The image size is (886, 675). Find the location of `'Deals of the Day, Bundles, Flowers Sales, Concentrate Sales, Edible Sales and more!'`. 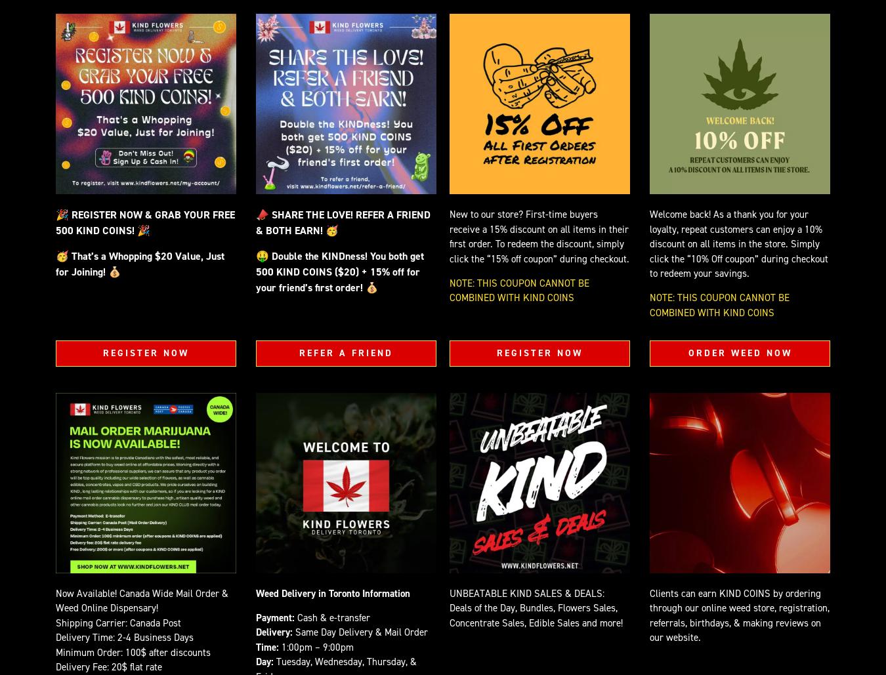

'Deals of the Day, Bundles, Flowers Sales, Concentrate Sales, Edible Sales and more!' is located at coordinates (536, 615).